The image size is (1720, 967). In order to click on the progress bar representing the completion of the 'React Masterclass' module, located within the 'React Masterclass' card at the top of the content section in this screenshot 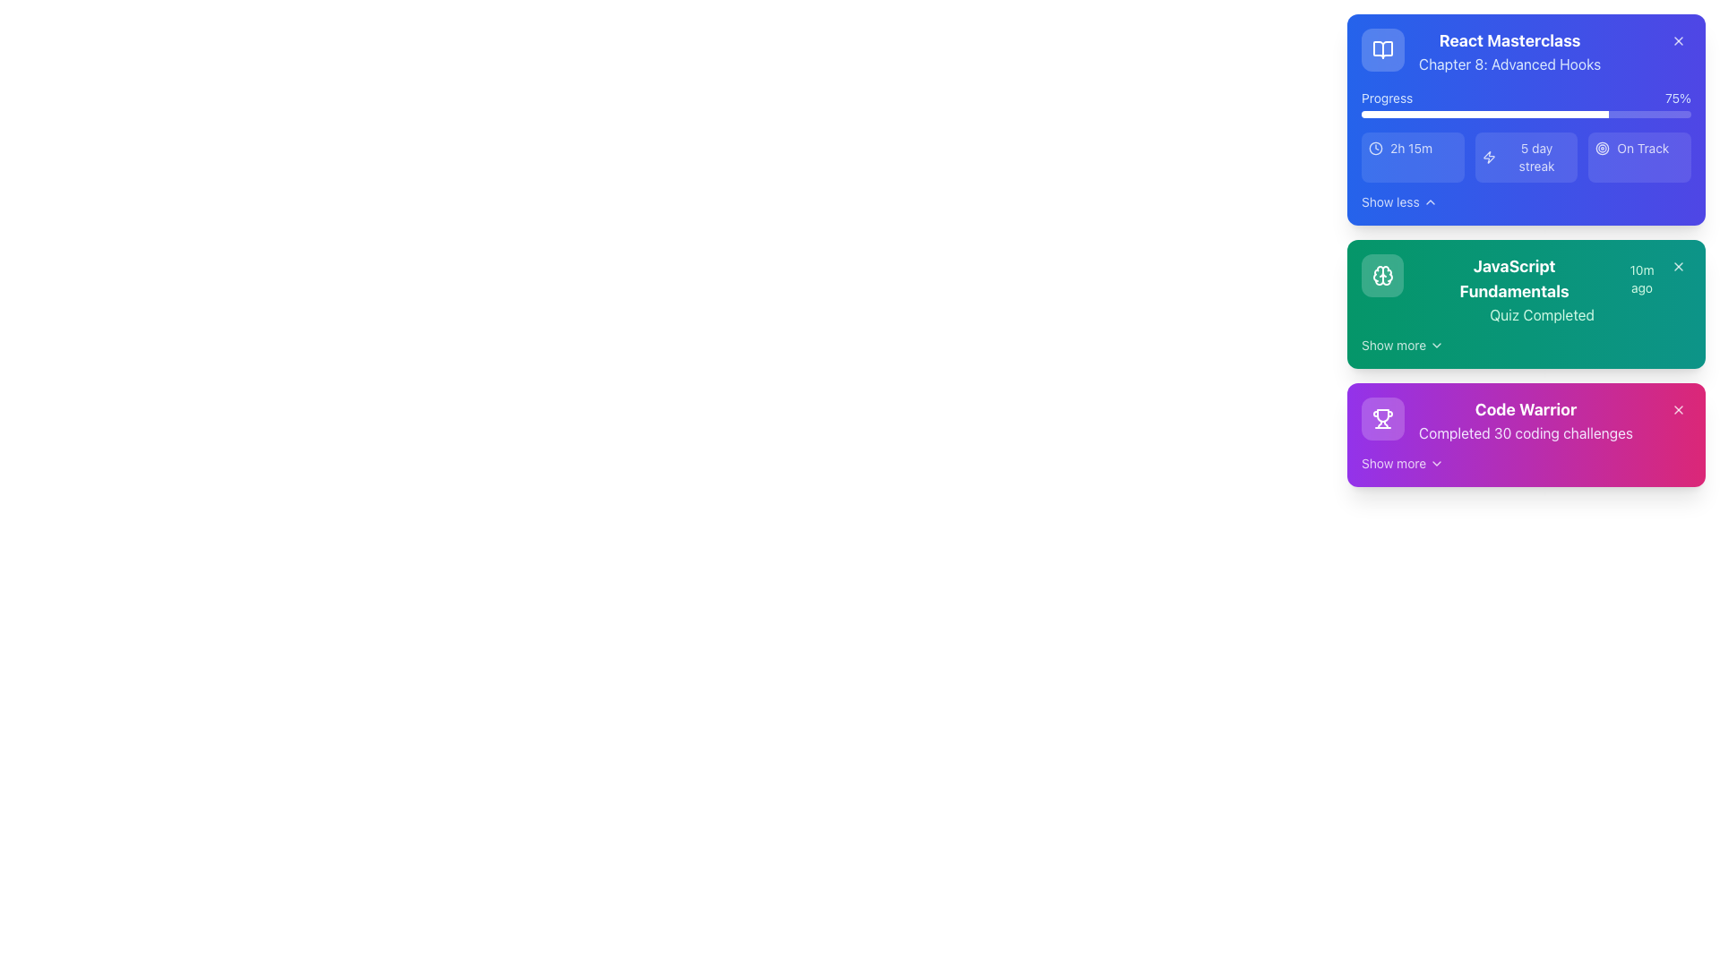, I will do `click(1526, 103)`.